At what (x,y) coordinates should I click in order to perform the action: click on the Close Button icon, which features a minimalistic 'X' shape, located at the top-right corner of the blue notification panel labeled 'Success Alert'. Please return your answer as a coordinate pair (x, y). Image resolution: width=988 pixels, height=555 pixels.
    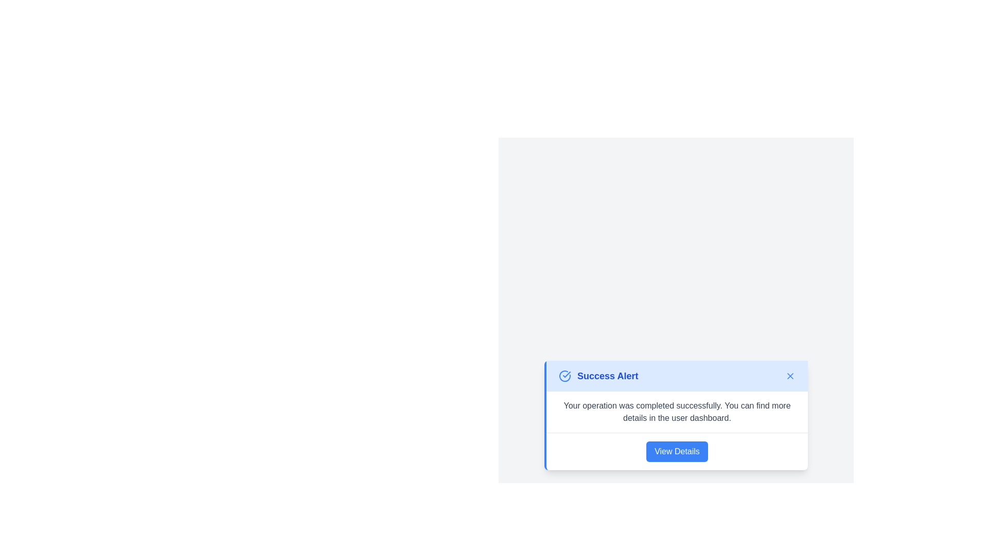
    Looking at the image, I should click on (790, 376).